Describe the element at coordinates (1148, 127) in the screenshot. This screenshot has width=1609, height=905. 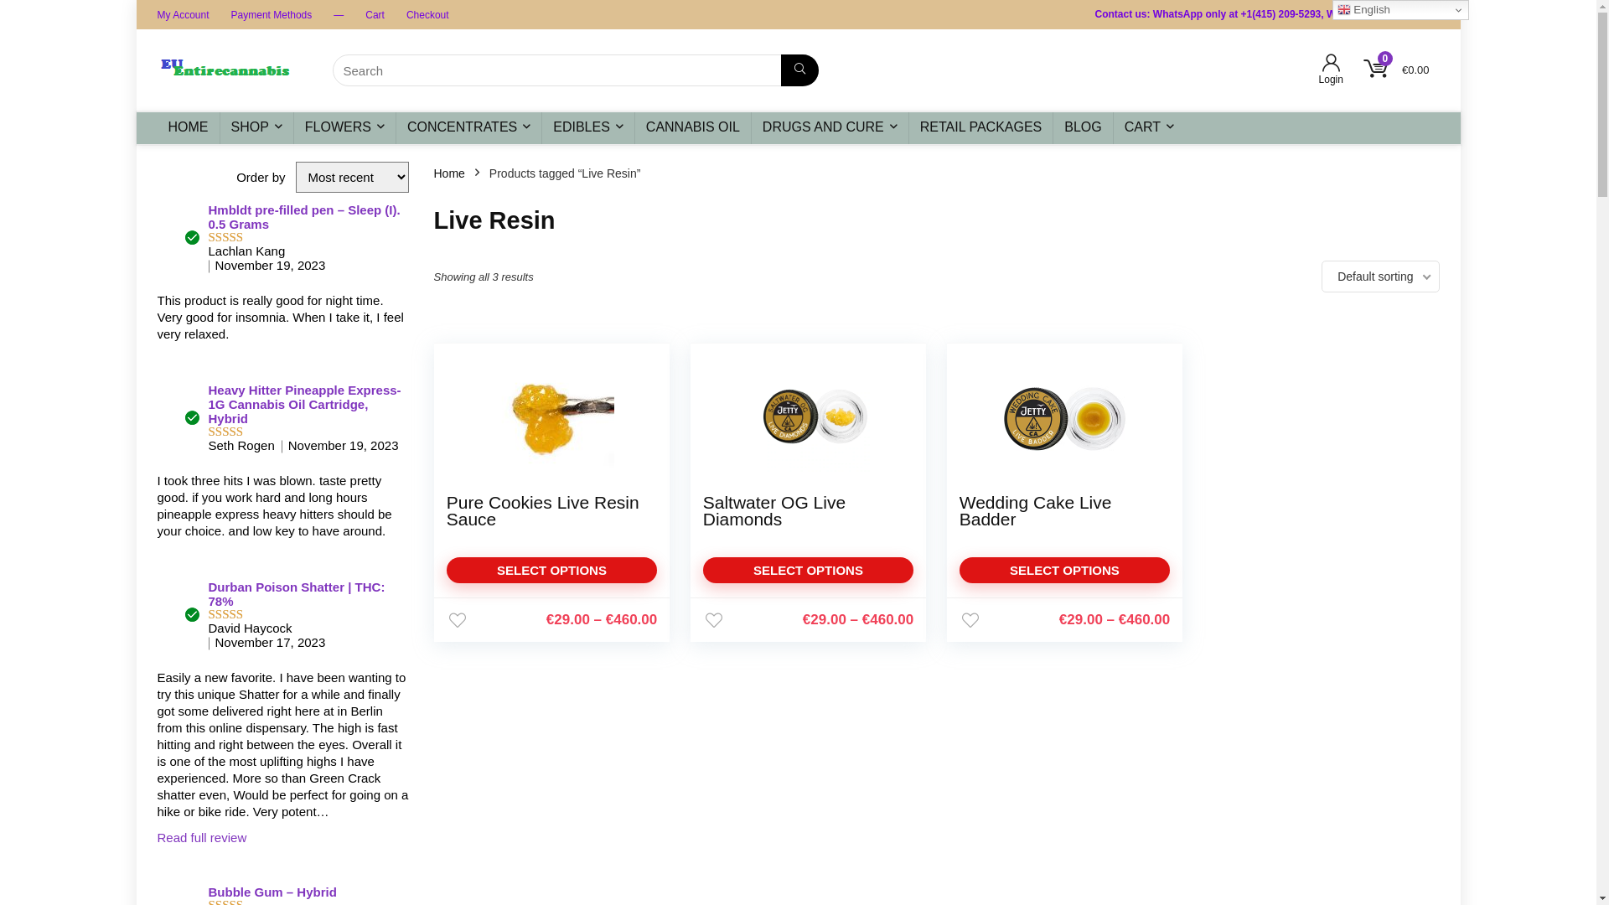
I see `'CART'` at that location.